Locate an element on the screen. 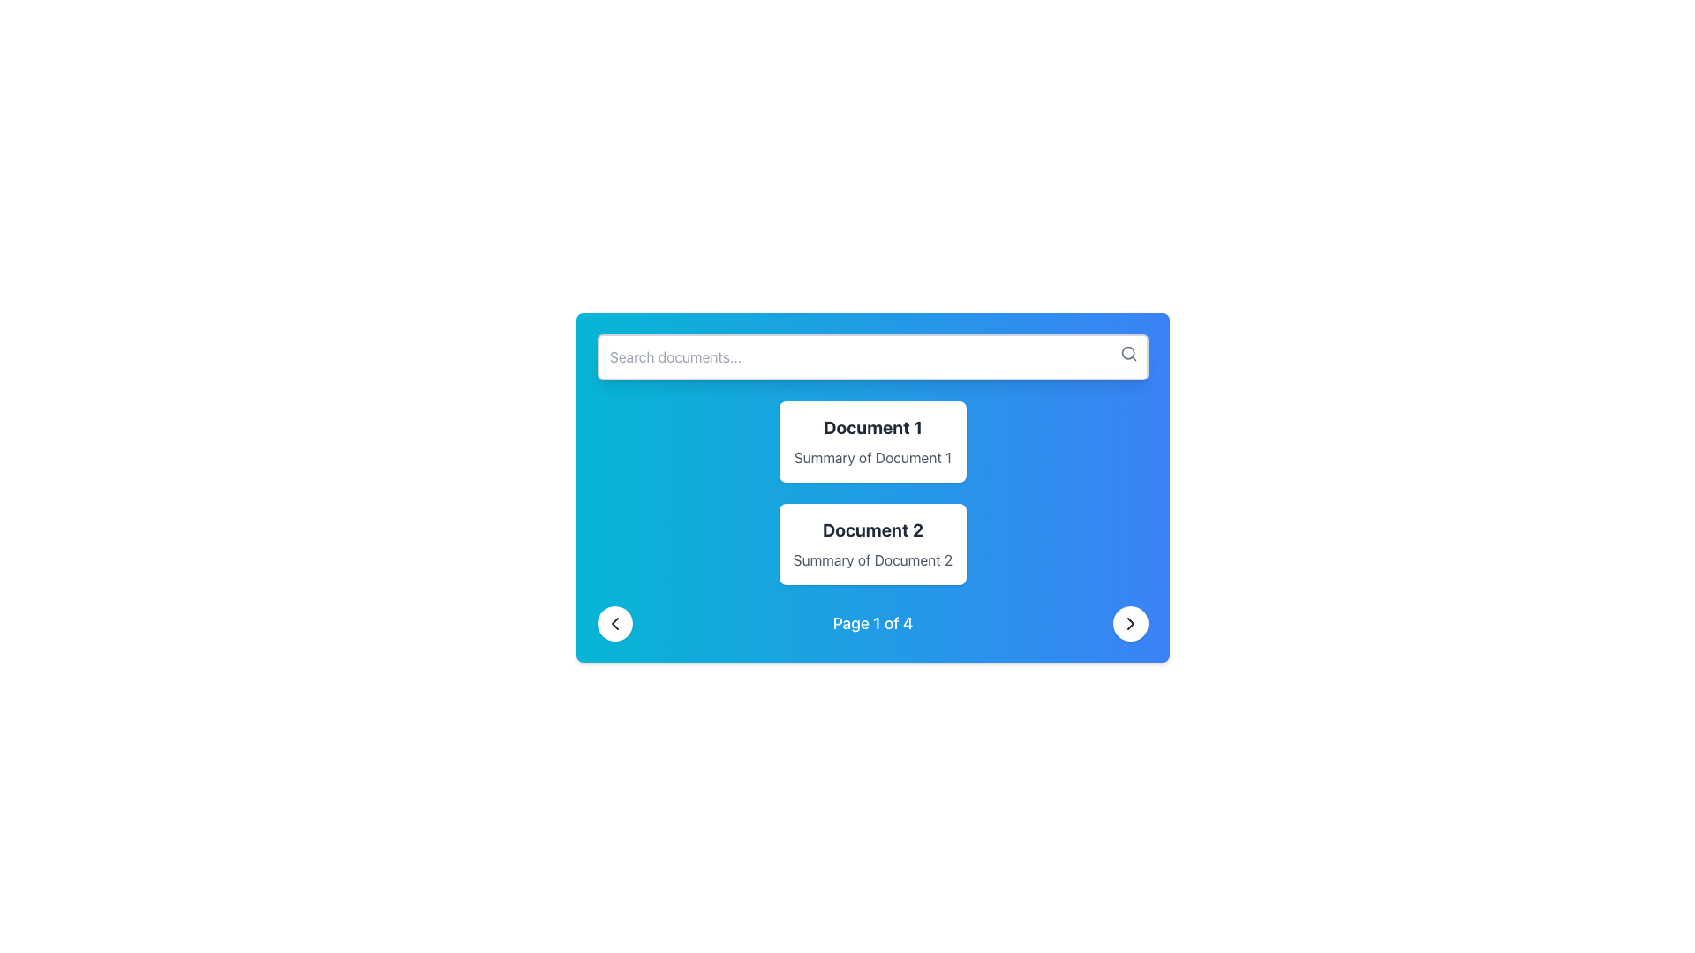 This screenshot has height=953, width=1695. the Chevron Direction Indicator icon located in the bottom-right corner of the interface to initiate forward navigation is located at coordinates (1131, 622).